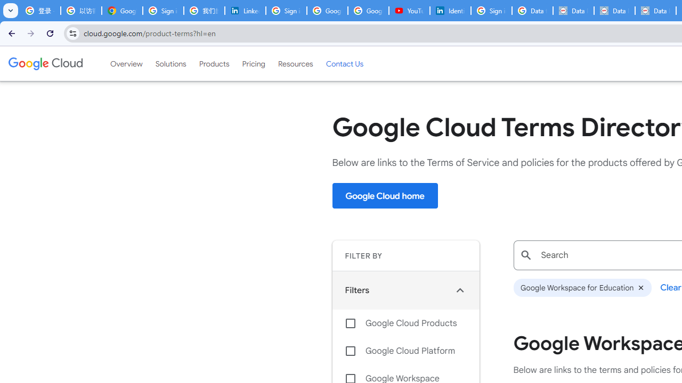 This screenshot has width=682, height=383. Describe the element at coordinates (245, 11) in the screenshot. I see `'LinkedIn Privacy Policy'` at that location.